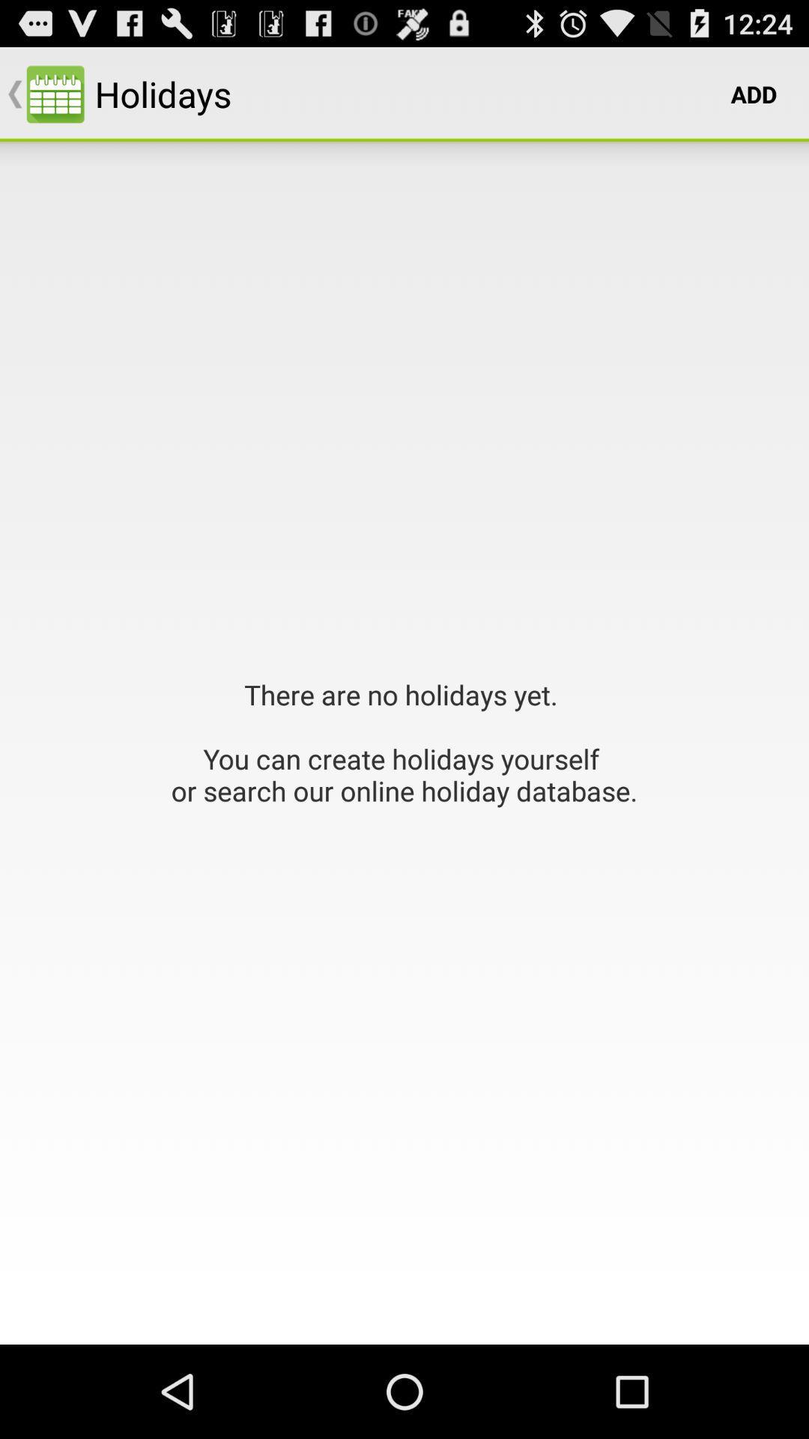 The width and height of the screenshot is (809, 1439). I want to click on the add item, so click(754, 93).